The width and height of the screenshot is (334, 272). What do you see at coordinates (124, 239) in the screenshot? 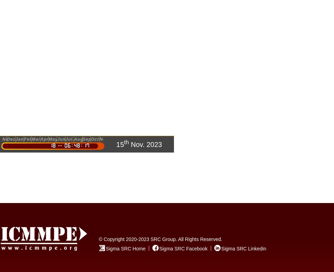
I see `'© Copyright 2020-2023'` at bounding box center [124, 239].